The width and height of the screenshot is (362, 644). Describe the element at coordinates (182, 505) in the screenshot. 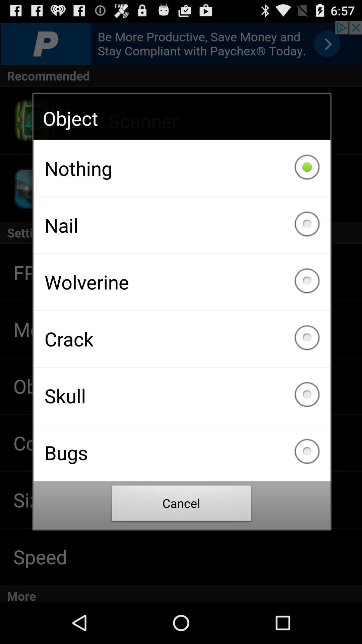

I see `the cancel` at that location.